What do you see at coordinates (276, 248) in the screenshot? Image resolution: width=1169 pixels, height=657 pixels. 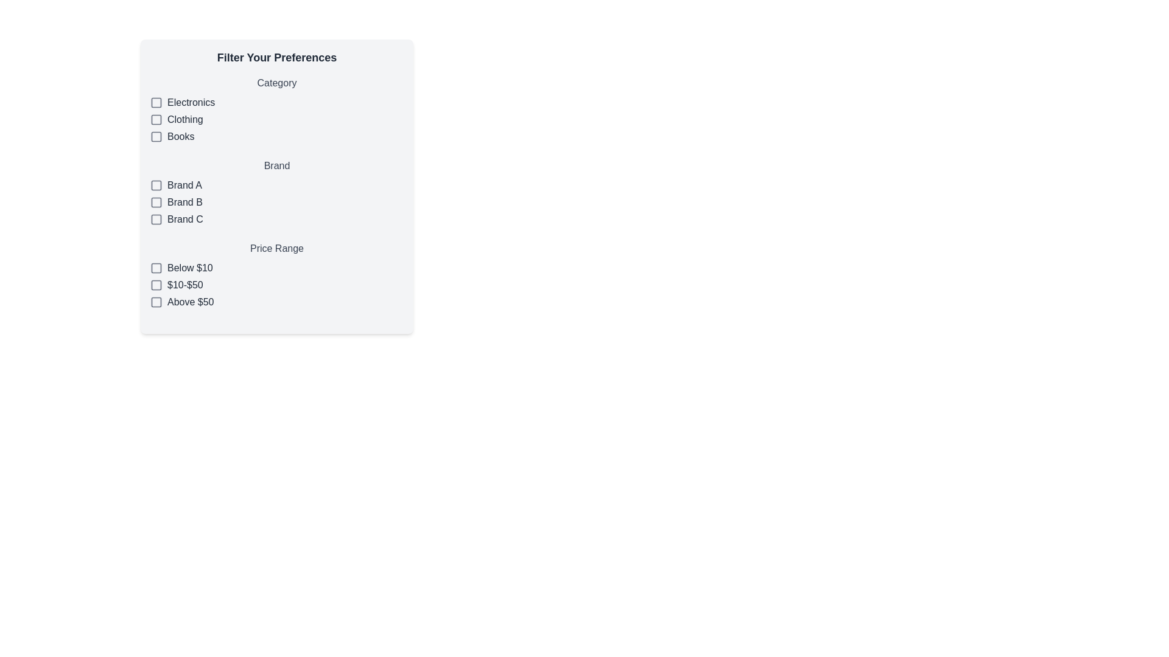 I see `the 'Price Range' text label, which is a medium-weight gray label located under the 'Brand' section in the 'Filter Your Preferences' vertical section` at bounding box center [276, 248].